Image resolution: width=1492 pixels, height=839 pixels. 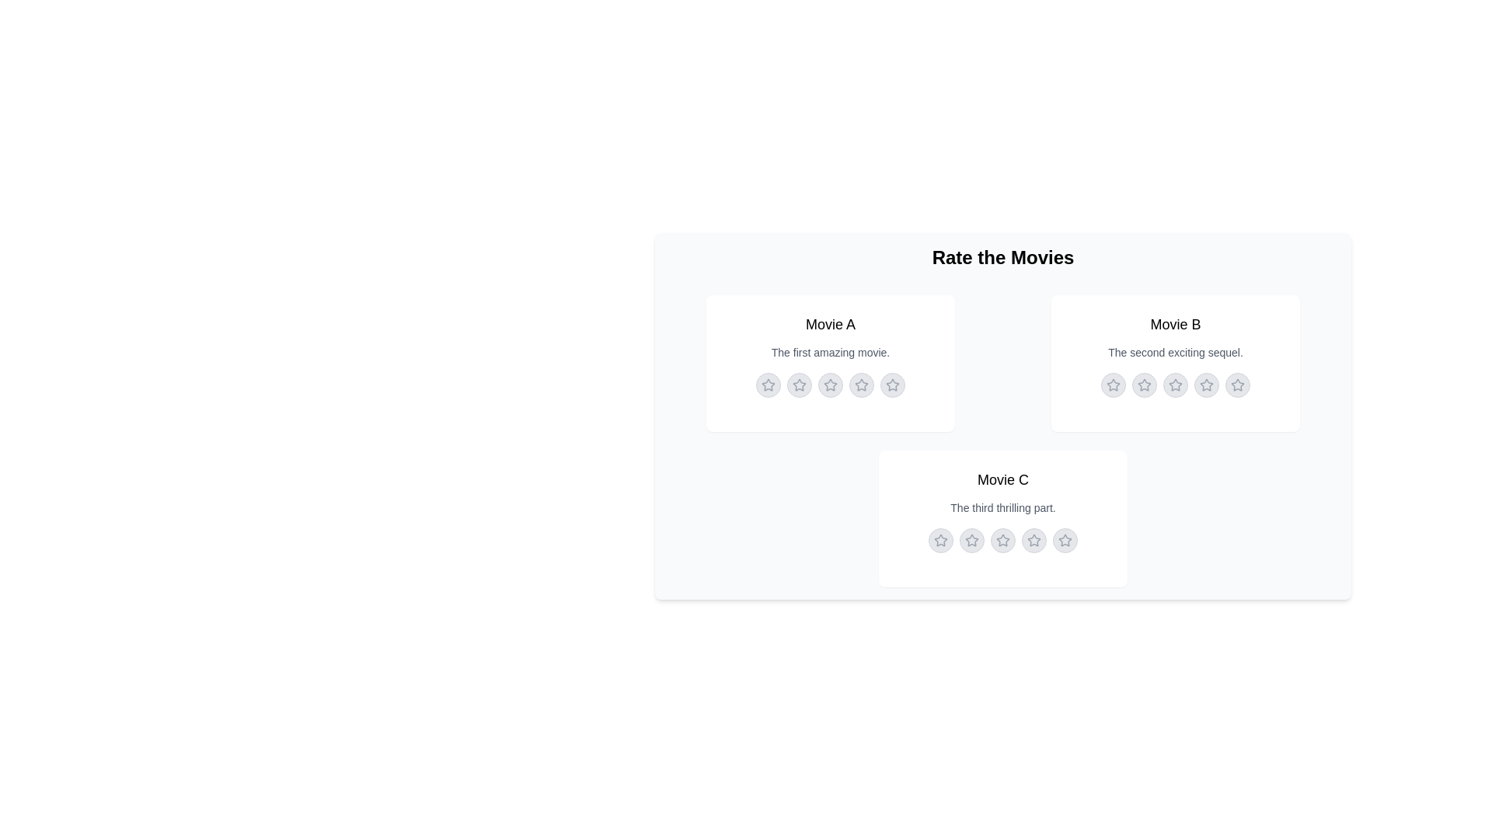 I want to click on the third circular star-rating button with a star icon in the center located under the 'Movie C' section, so click(x=1003, y=539).